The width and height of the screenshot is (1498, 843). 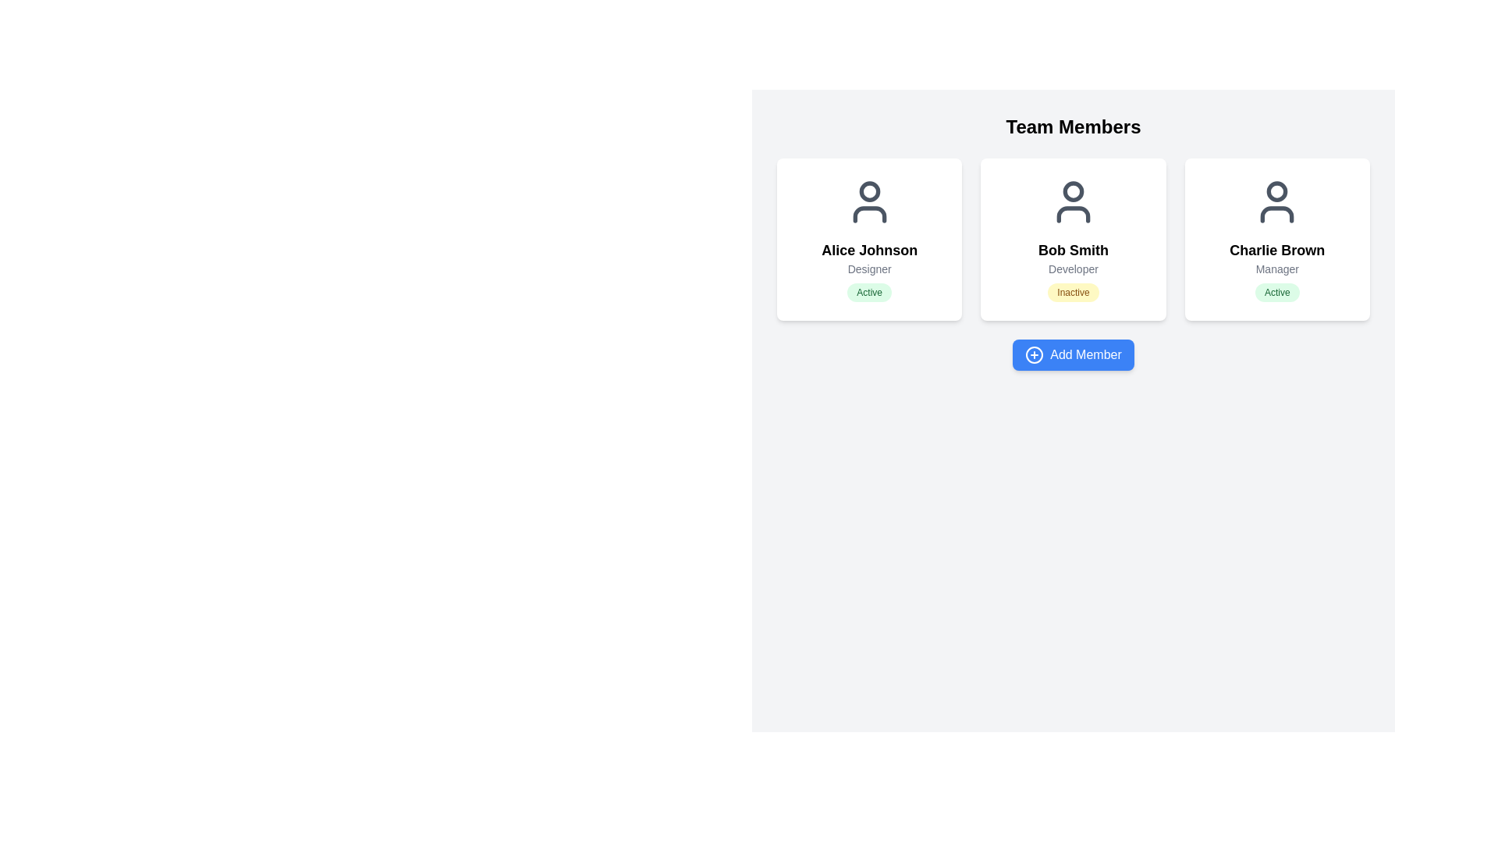 I want to click on displayed text of the status indicator label located at the bottom of Charlie Brown's profile card in the Team Members section, so click(x=1277, y=292).